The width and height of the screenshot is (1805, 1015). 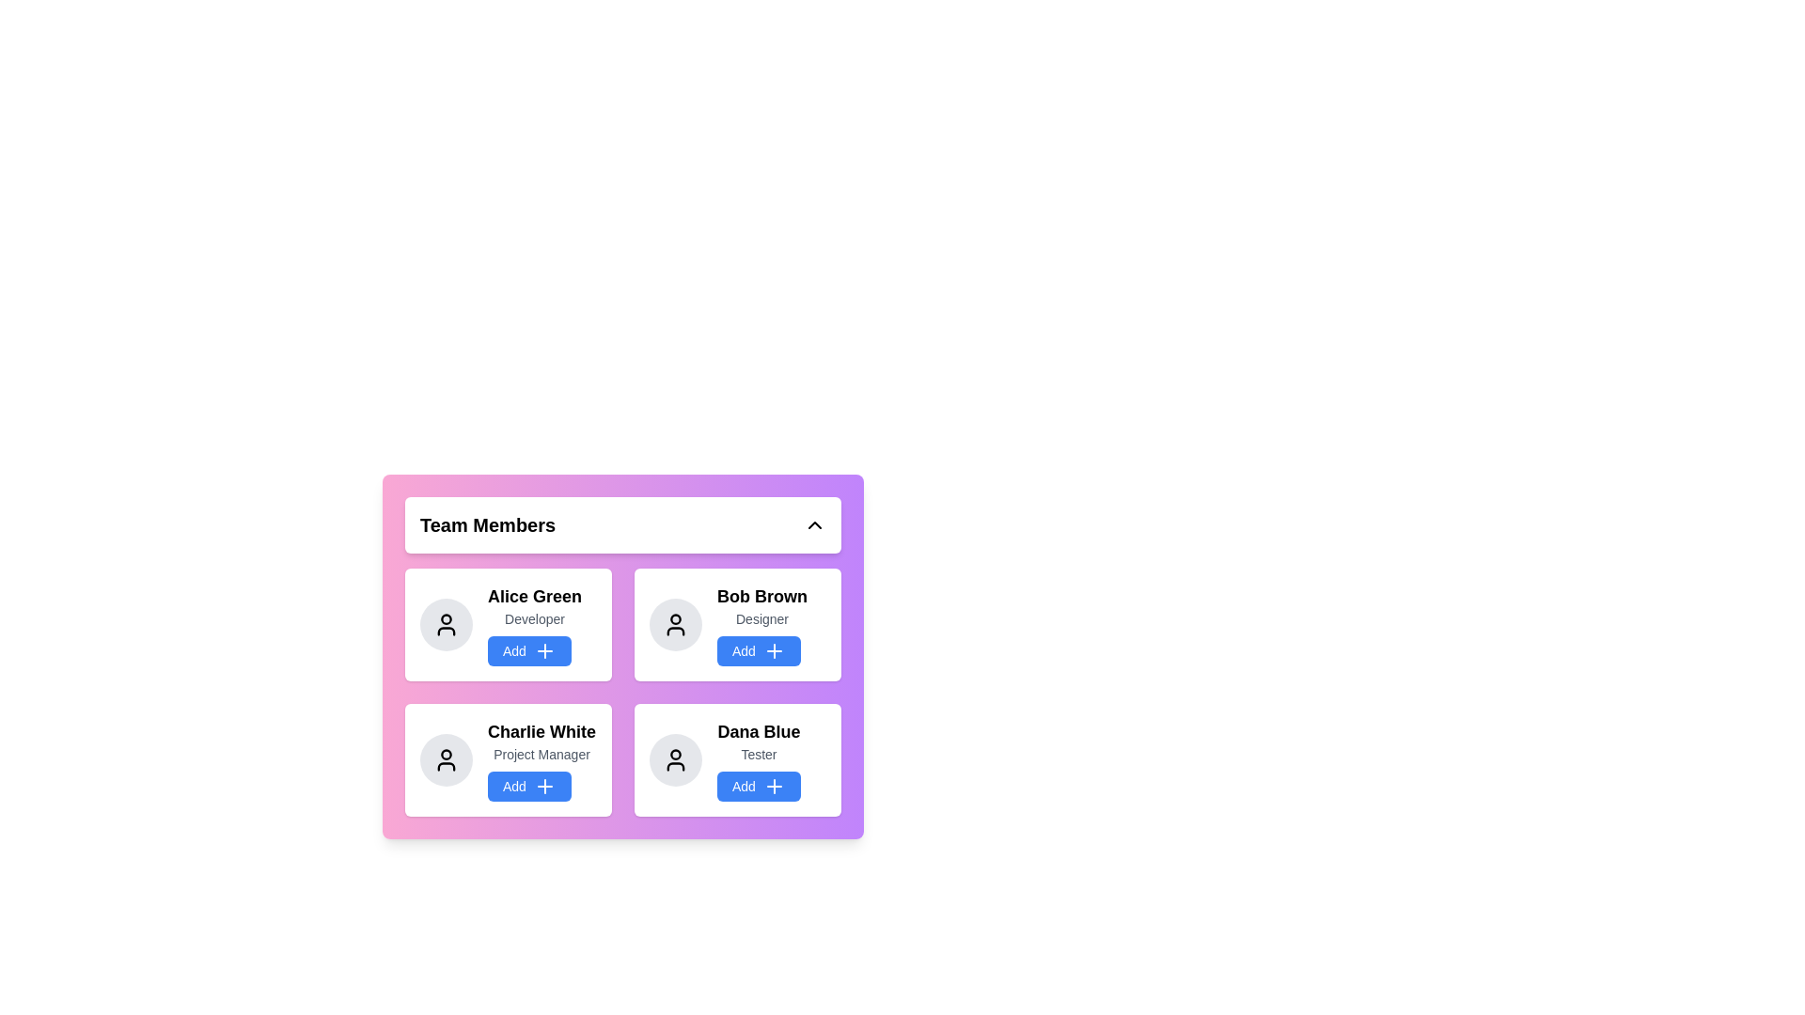 What do you see at coordinates (676, 759) in the screenshot?
I see `the user profile icon representing 'Dana Blue' in the lower-right corner of the grid, which is aligned above the 'Add' button` at bounding box center [676, 759].